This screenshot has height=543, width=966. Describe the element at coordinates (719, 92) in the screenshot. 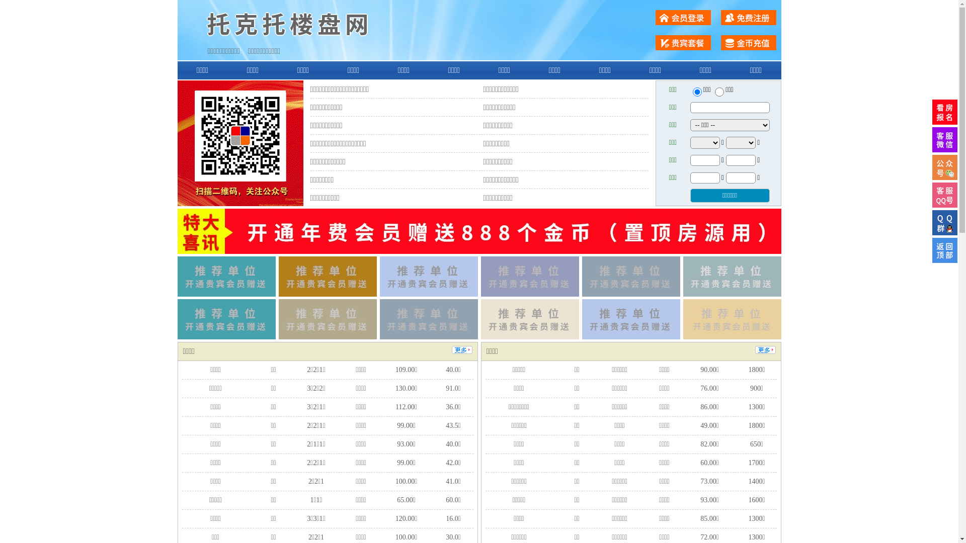

I see `'chuzu'` at that location.